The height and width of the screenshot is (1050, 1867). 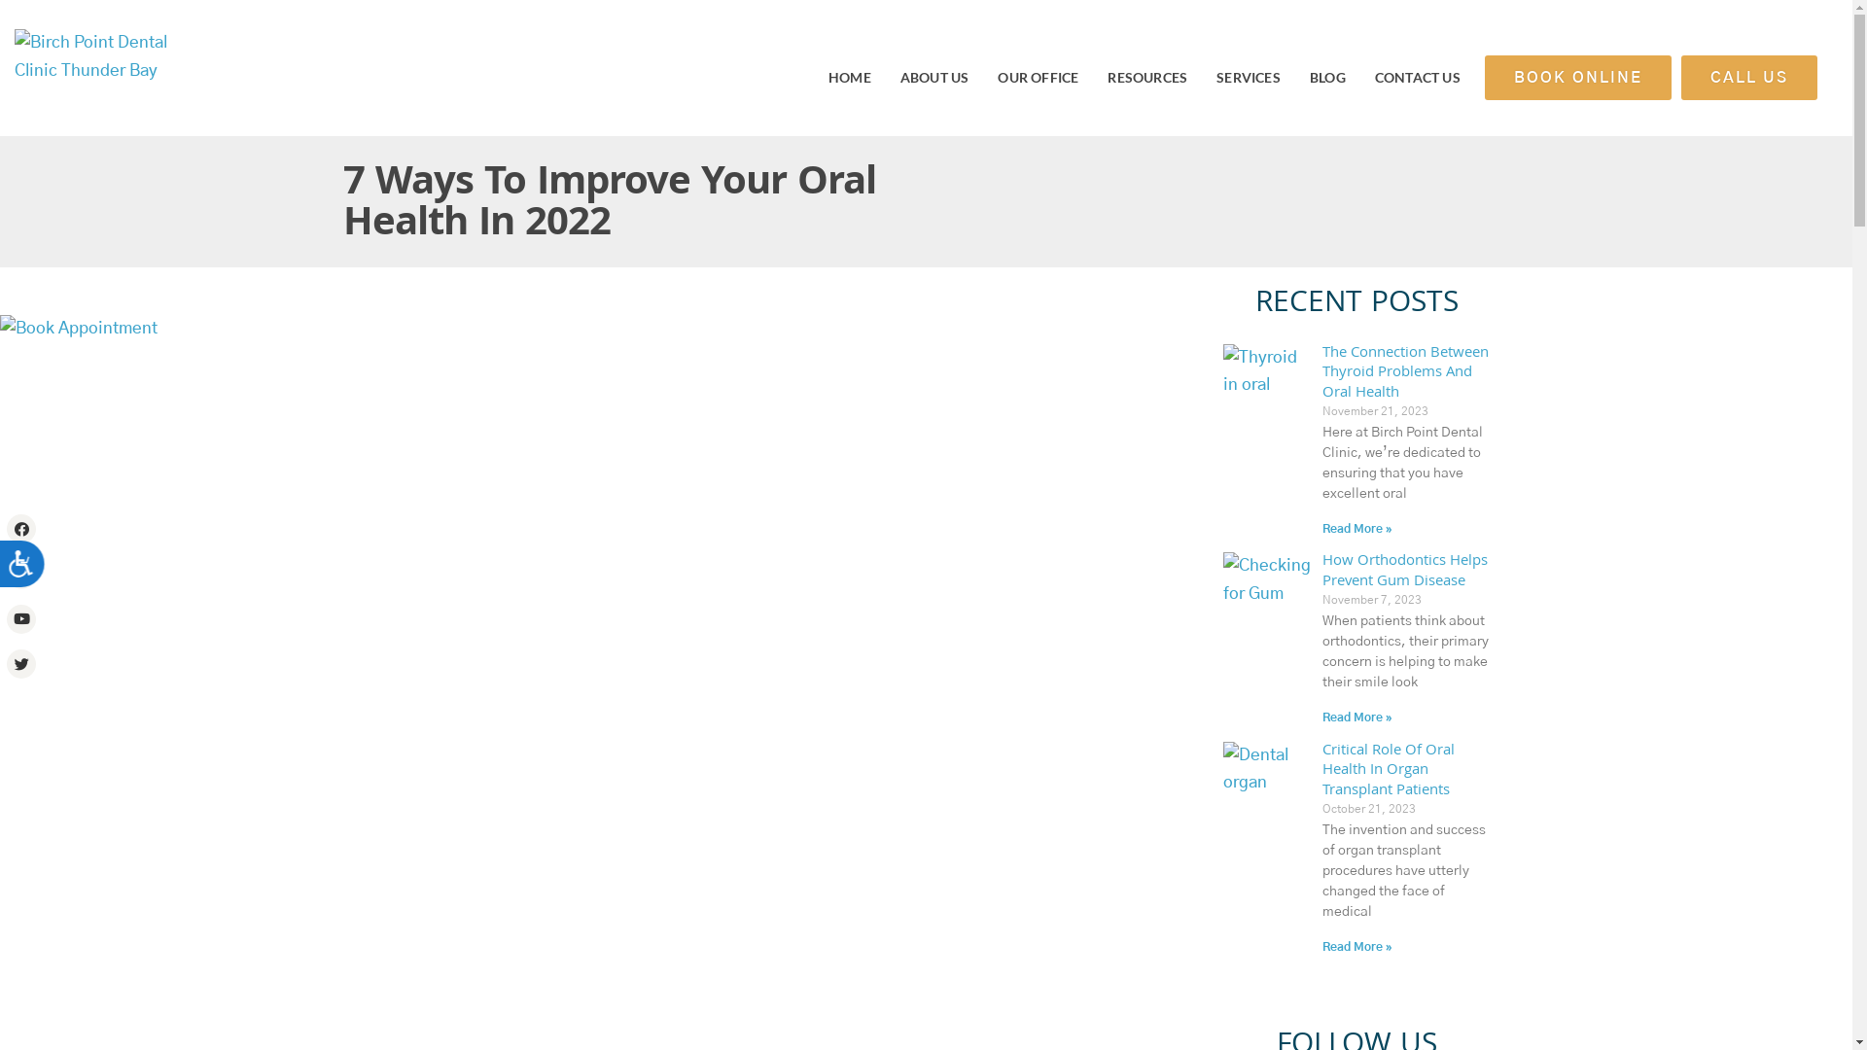 What do you see at coordinates (1749, 77) in the screenshot?
I see `'CALL US'` at bounding box center [1749, 77].